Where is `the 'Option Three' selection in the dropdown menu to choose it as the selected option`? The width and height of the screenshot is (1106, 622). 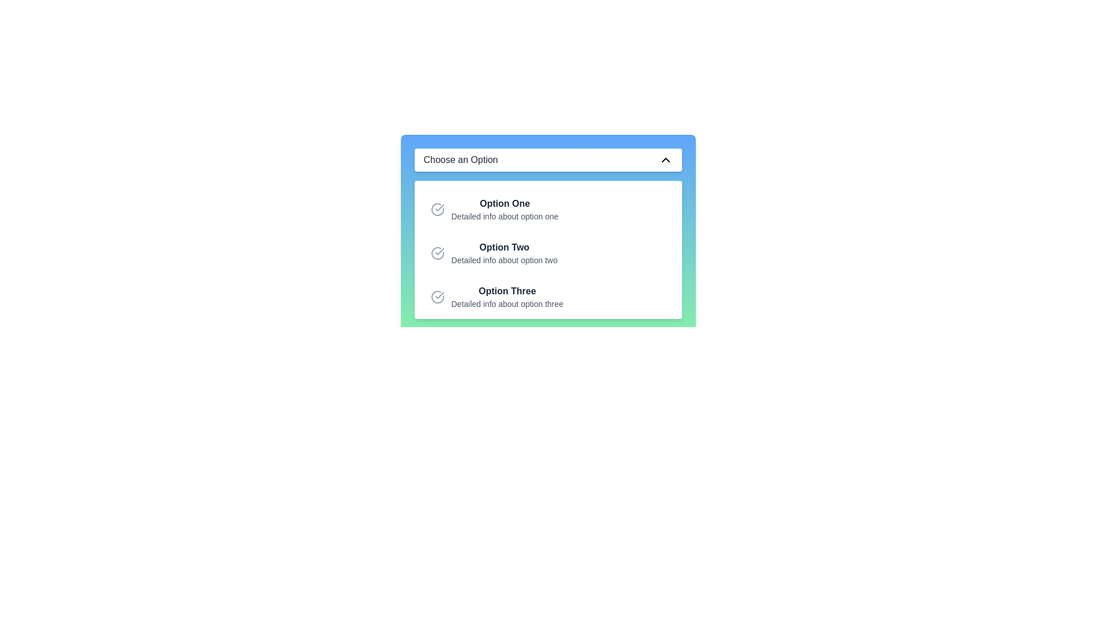 the 'Option Three' selection in the dropdown menu to choose it as the selected option is located at coordinates (547, 297).